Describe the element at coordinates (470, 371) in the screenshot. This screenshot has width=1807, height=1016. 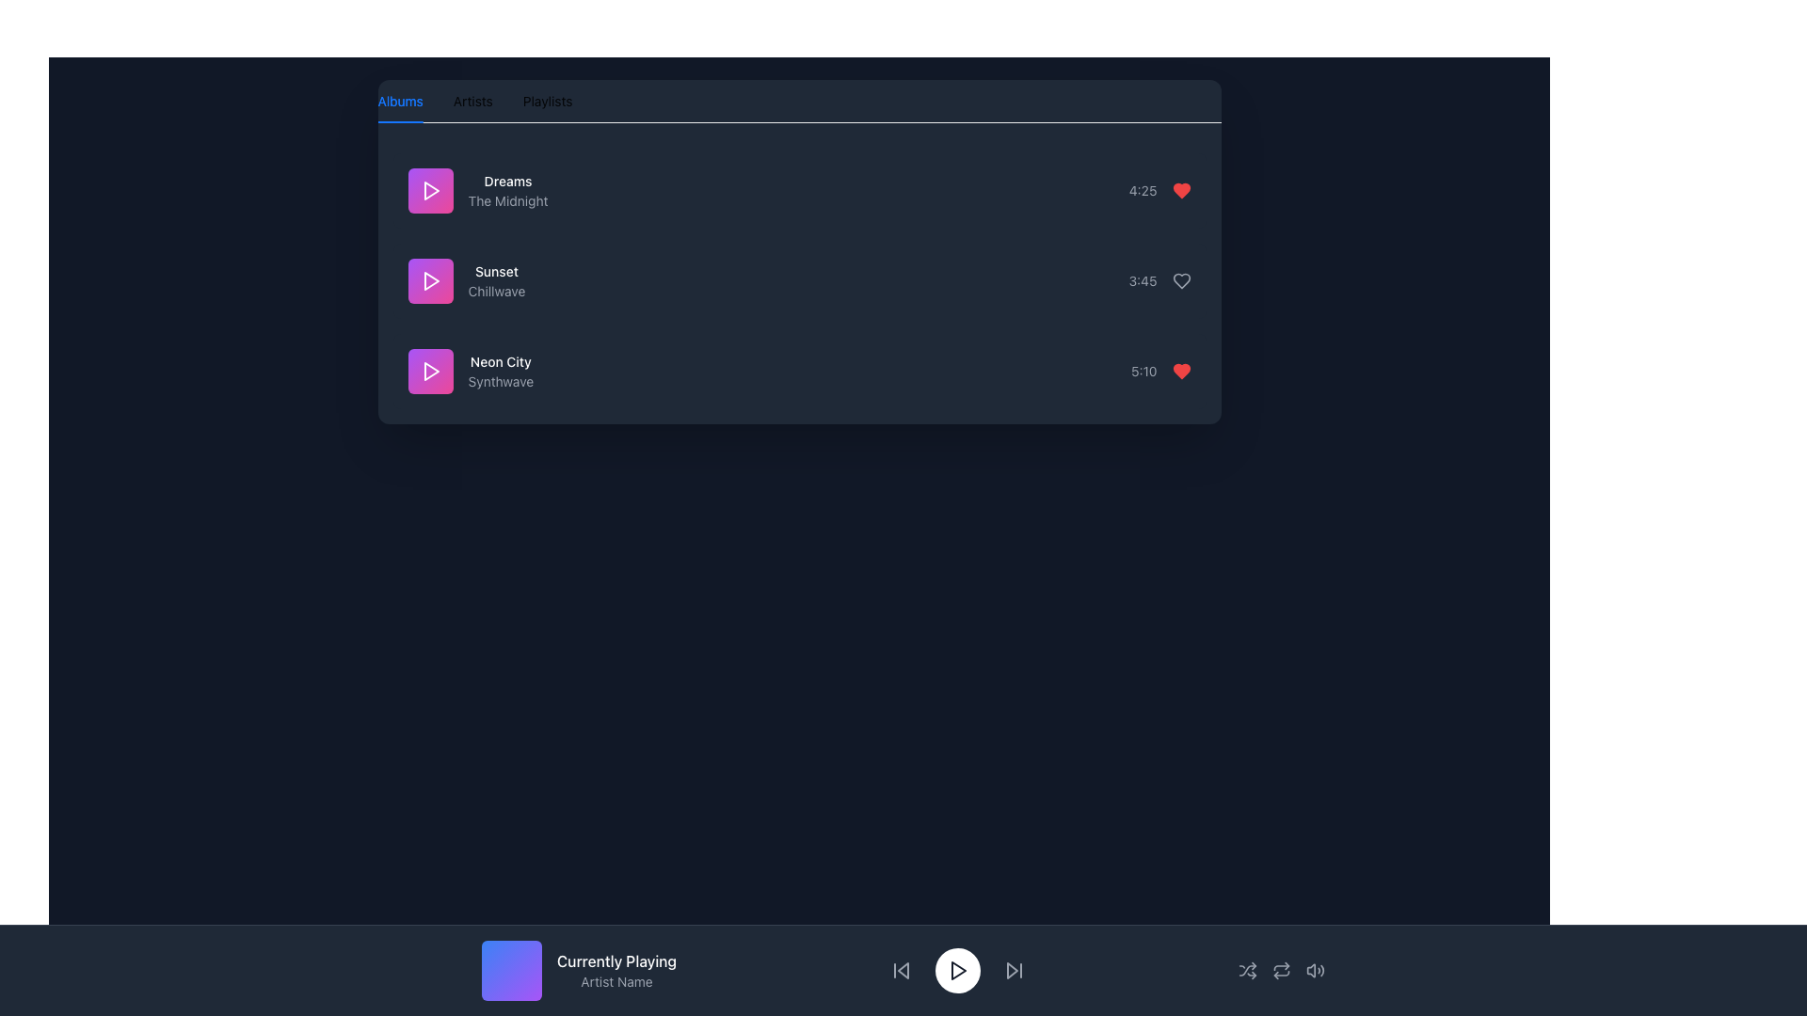
I see `the third Clickable List Card in the vertically arranged list of content cards, positioned below 'Sunset' and above subsequent items` at that location.